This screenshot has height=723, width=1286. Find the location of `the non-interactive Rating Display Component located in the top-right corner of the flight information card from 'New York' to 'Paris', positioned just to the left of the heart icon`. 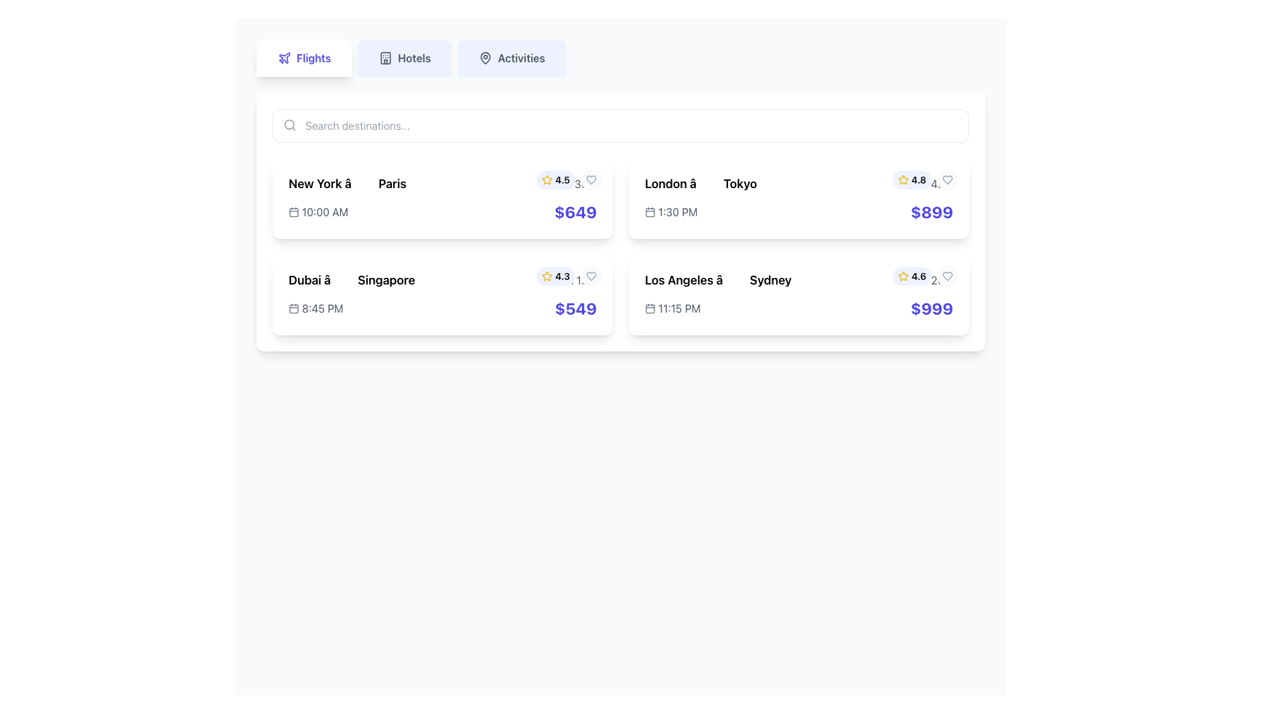

the non-interactive Rating Display Component located in the top-right corner of the flight information card from 'New York' to 'Paris', positioned just to the left of the heart icon is located at coordinates (556, 179).